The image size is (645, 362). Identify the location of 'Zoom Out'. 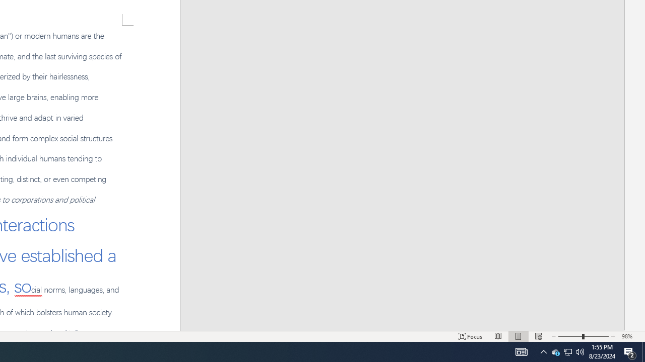
(570, 336).